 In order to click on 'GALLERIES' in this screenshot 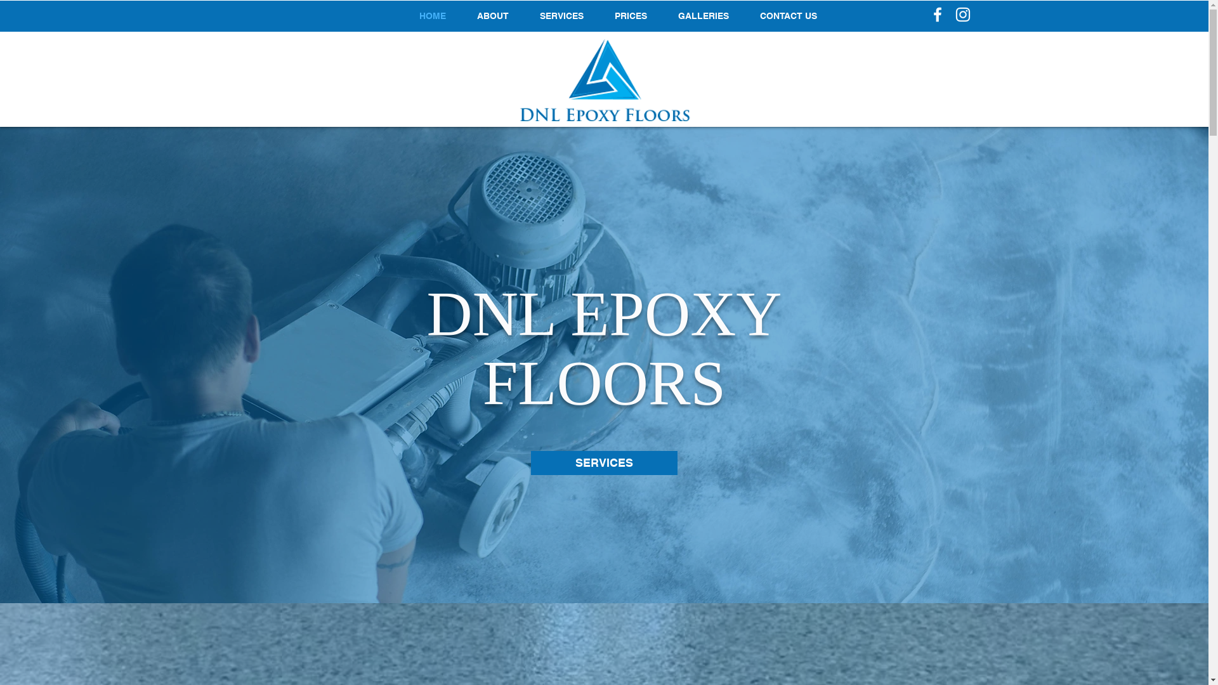, I will do `click(703, 15)`.